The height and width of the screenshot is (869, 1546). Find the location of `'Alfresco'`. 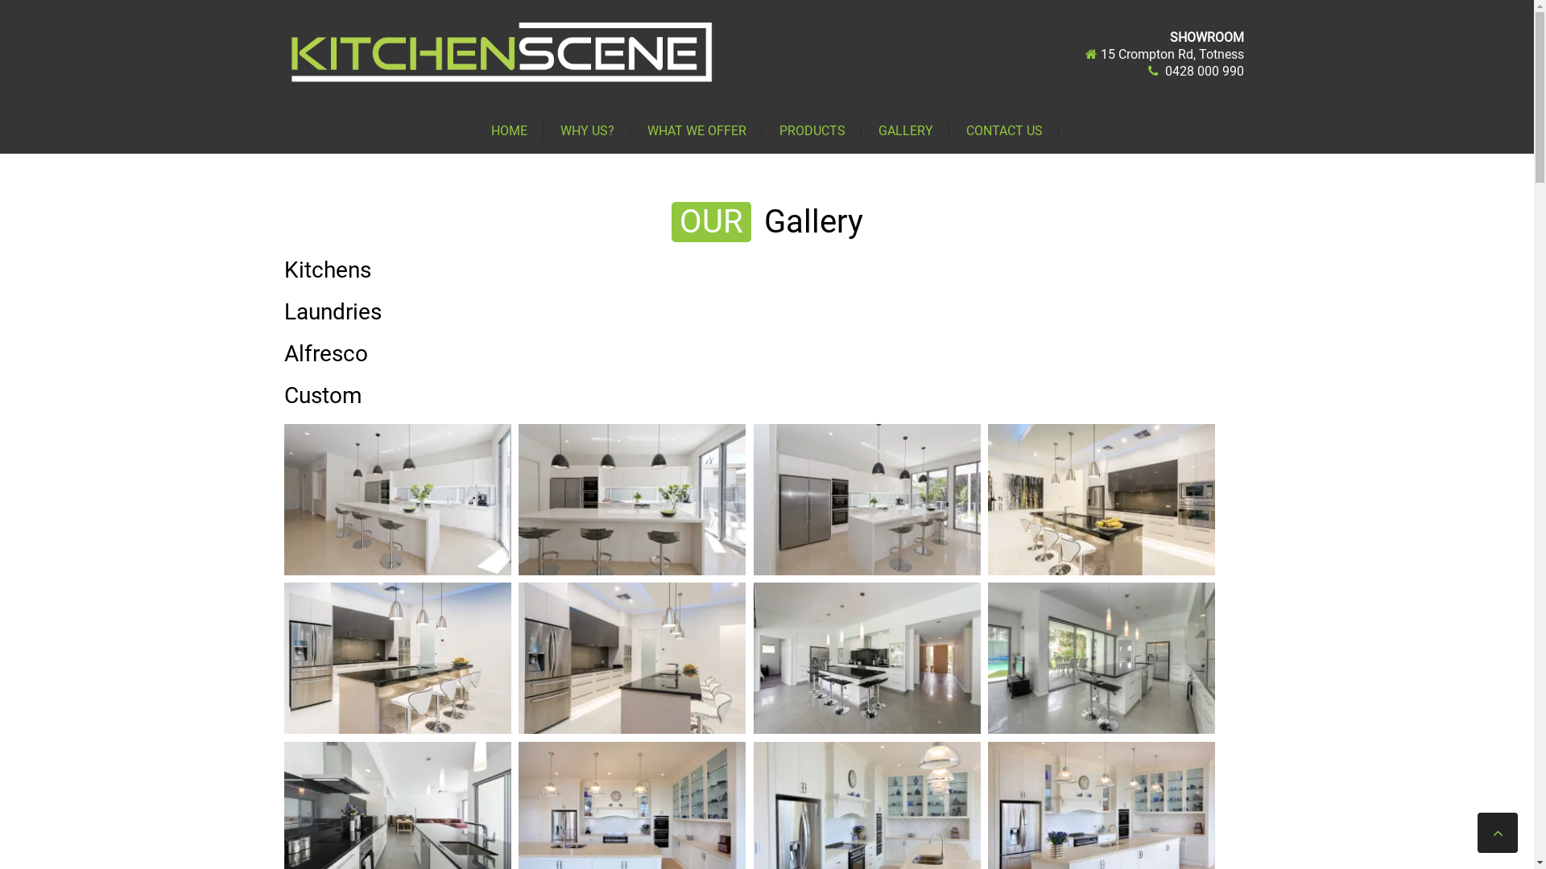

'Alfresco' is located at coordinates (324, 352).